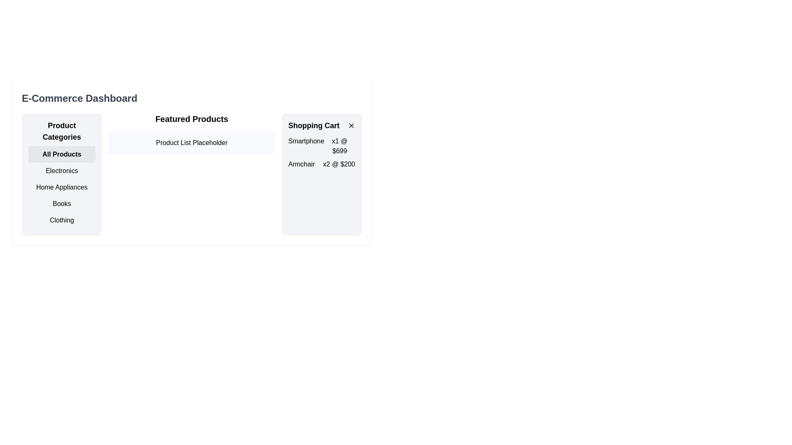 The image size is (792, 445). Describe the element at coordinates (79, 98) in the screenshot. I see `text label that serves as the title of the dashboard, identifying it as the 'E-Commerce Dashboard', located at the top-left corner of the dashboard header` at that location.